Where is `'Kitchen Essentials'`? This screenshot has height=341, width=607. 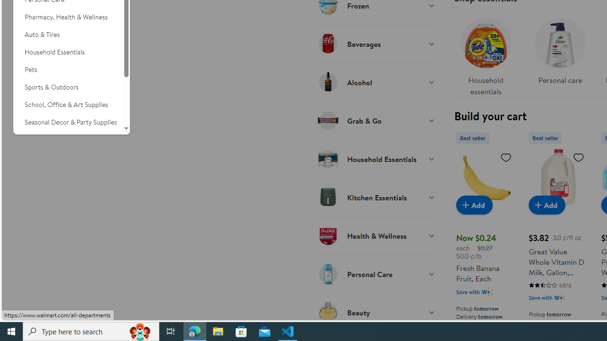 'Kitchen Essentials' is located at coordinates (375, 197).